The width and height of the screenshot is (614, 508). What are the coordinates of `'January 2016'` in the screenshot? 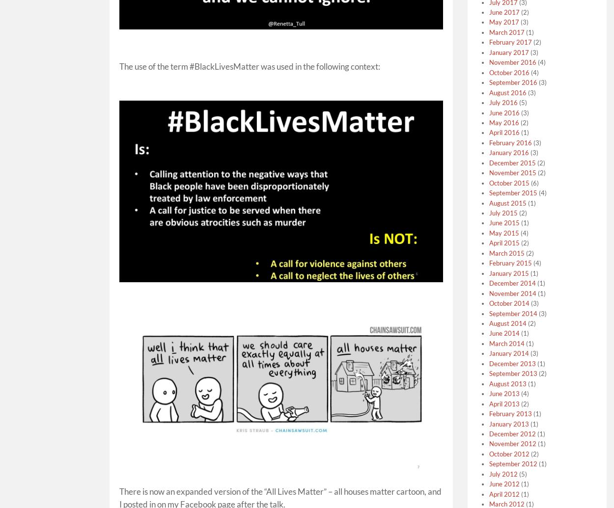 It's located at (509, 153).